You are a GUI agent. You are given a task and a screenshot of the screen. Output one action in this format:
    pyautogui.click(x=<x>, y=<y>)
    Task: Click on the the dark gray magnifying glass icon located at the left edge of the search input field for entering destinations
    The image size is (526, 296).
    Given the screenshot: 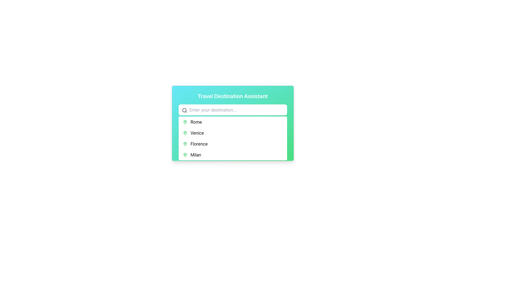 What is the action you would take?
    pyautogui.click(x=184, y=110)
    